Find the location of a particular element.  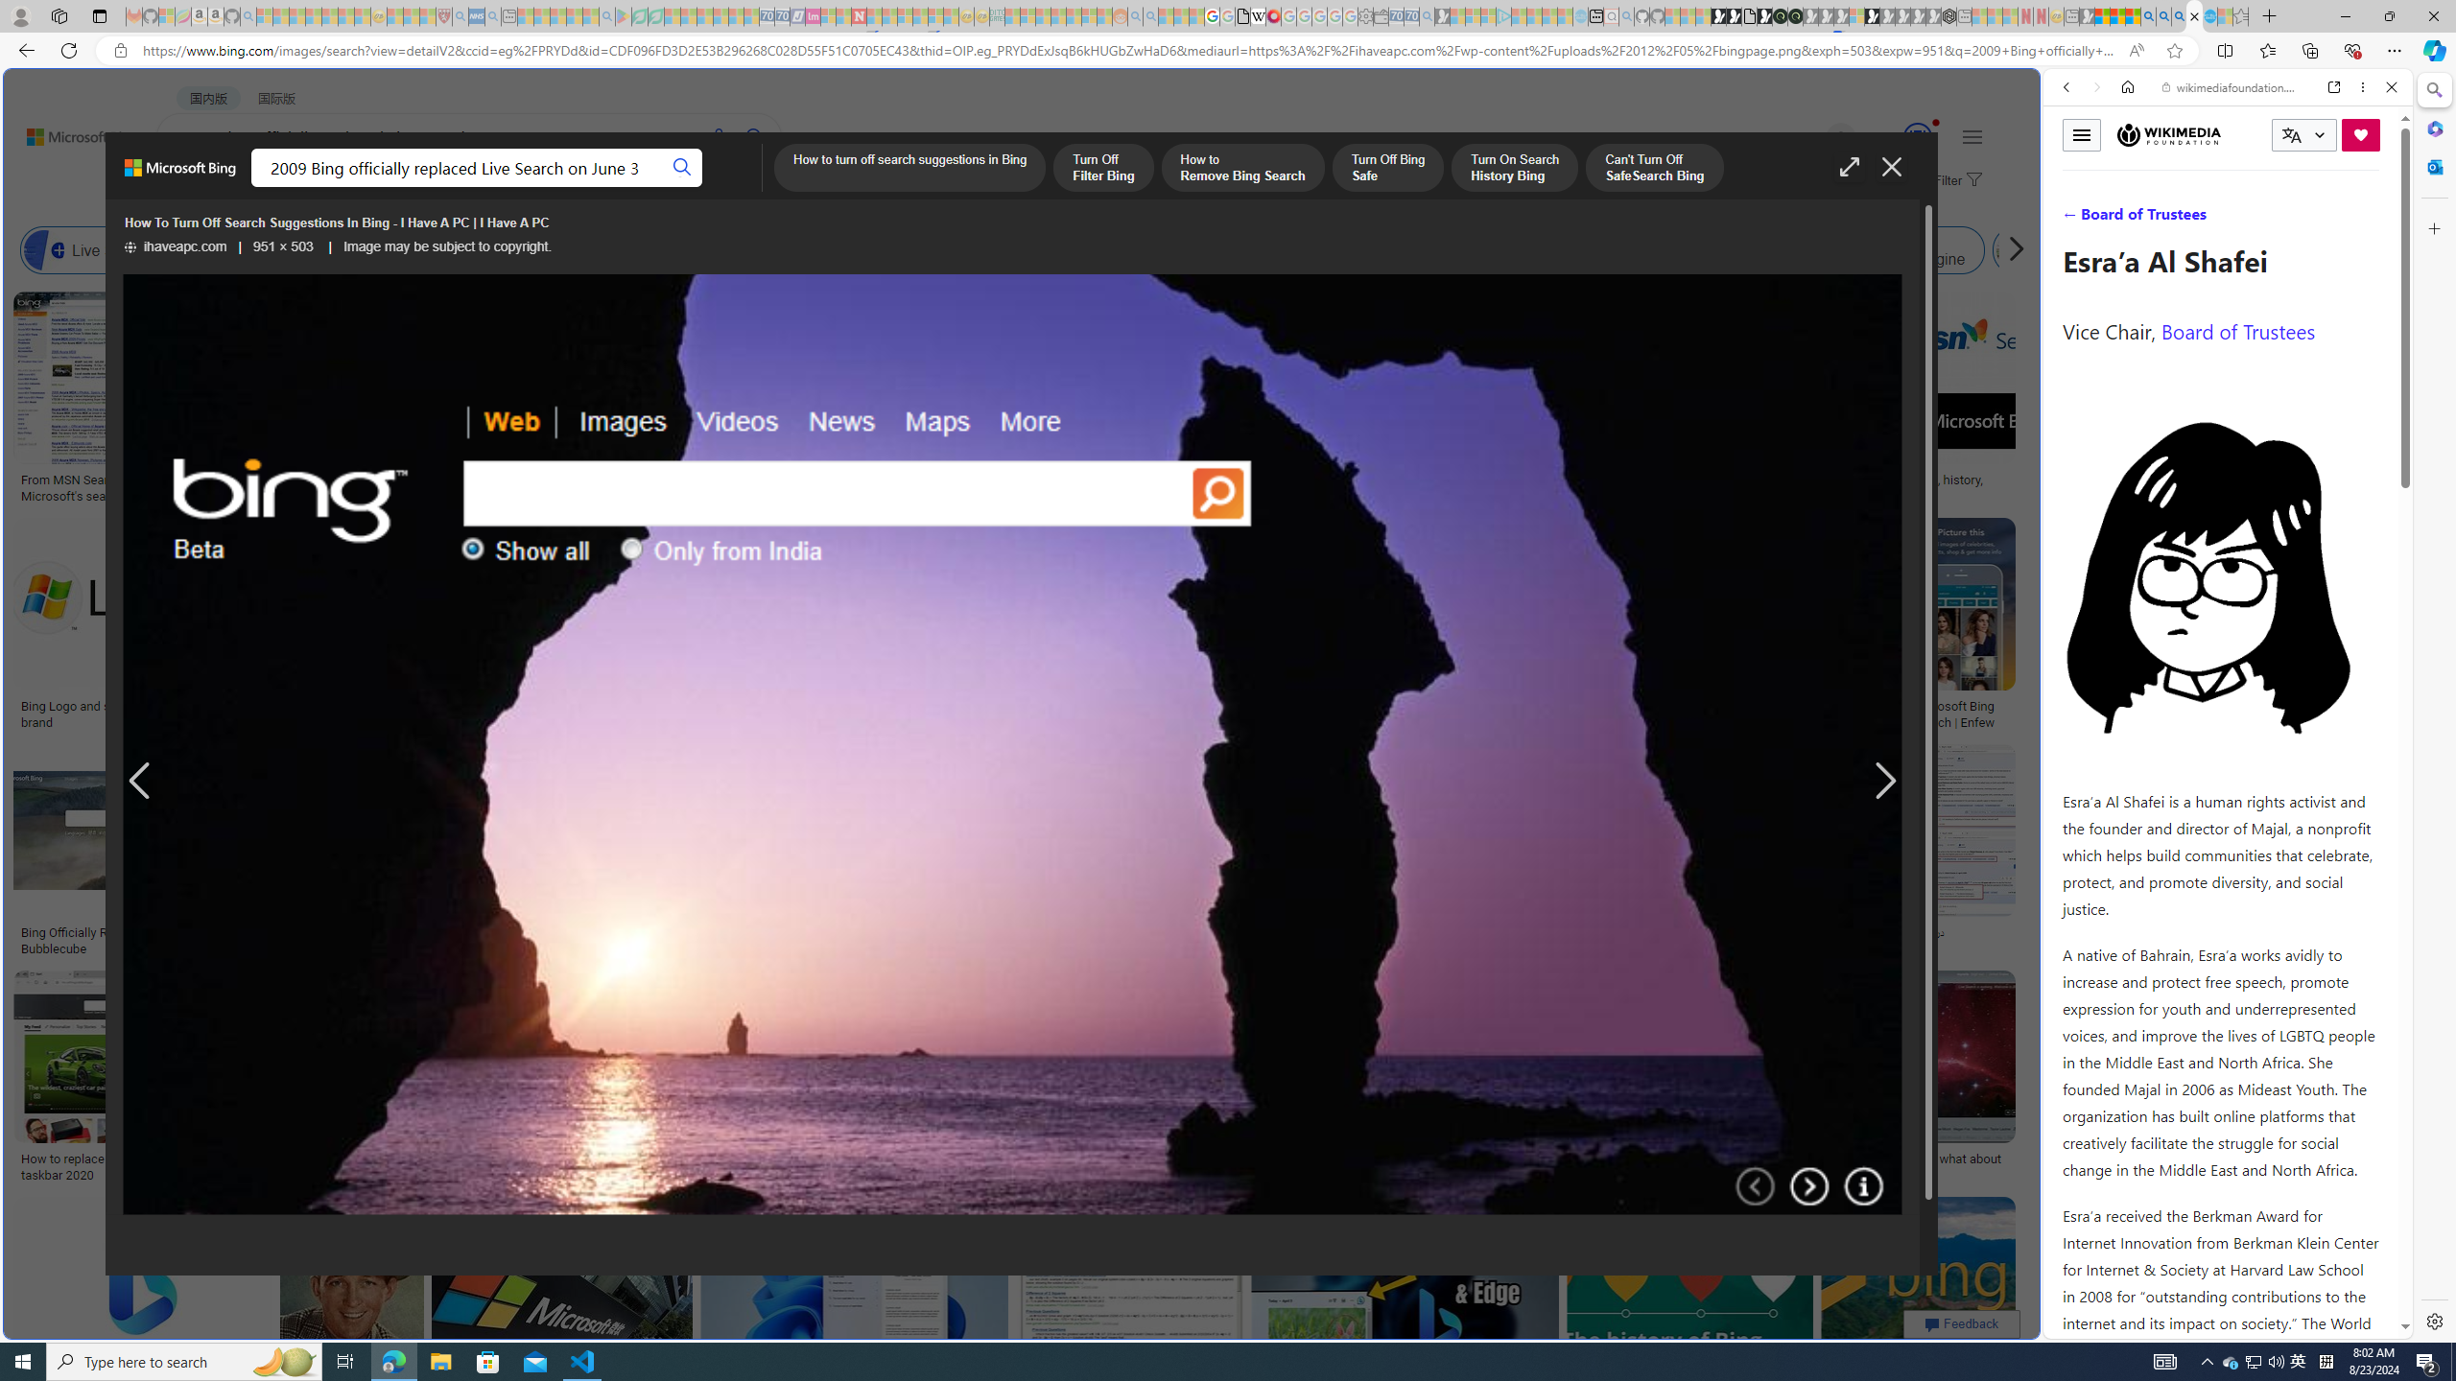

'How to turn off search suggestions in Bing' is located at coordinates (909, 169).